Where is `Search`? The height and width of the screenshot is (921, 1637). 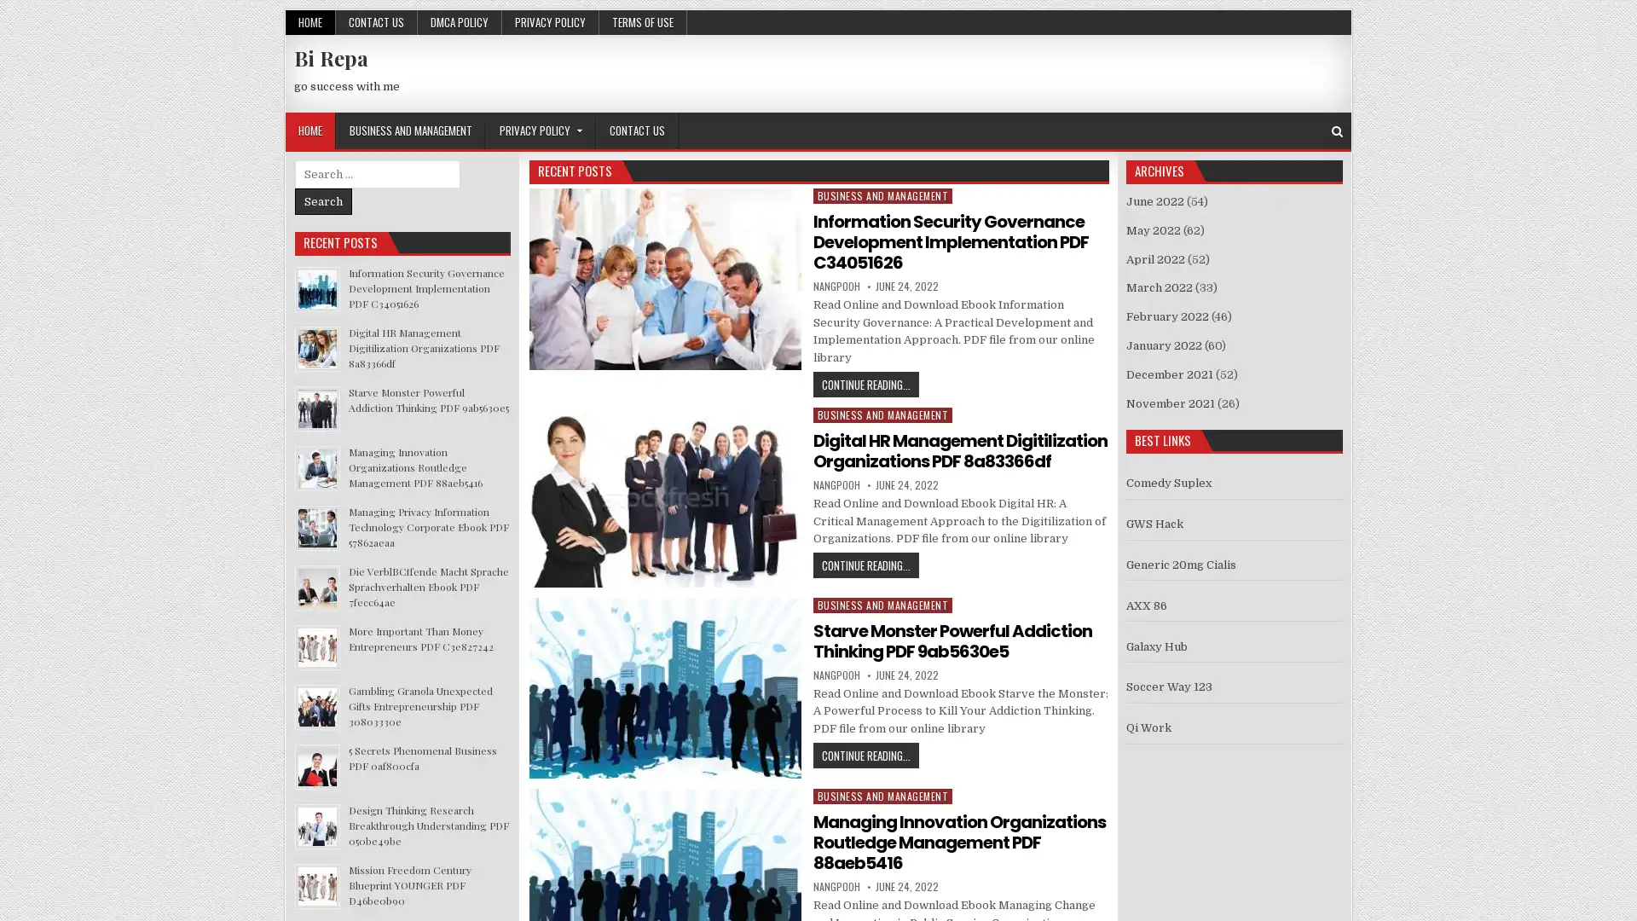 Search is located at coordinates (322, 200).